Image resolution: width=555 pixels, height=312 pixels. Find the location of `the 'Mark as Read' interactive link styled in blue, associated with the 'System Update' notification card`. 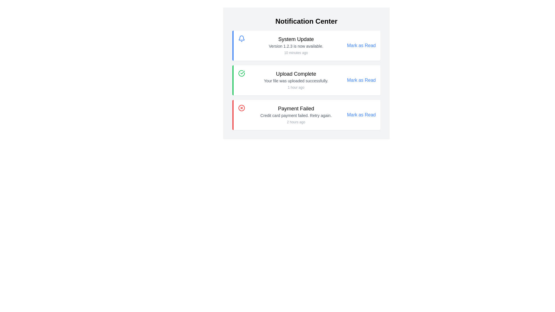

the 'Mark as Read' interactive link styled in blue, associated with the 'System Update' notification card is located at coordinates (361, 45).